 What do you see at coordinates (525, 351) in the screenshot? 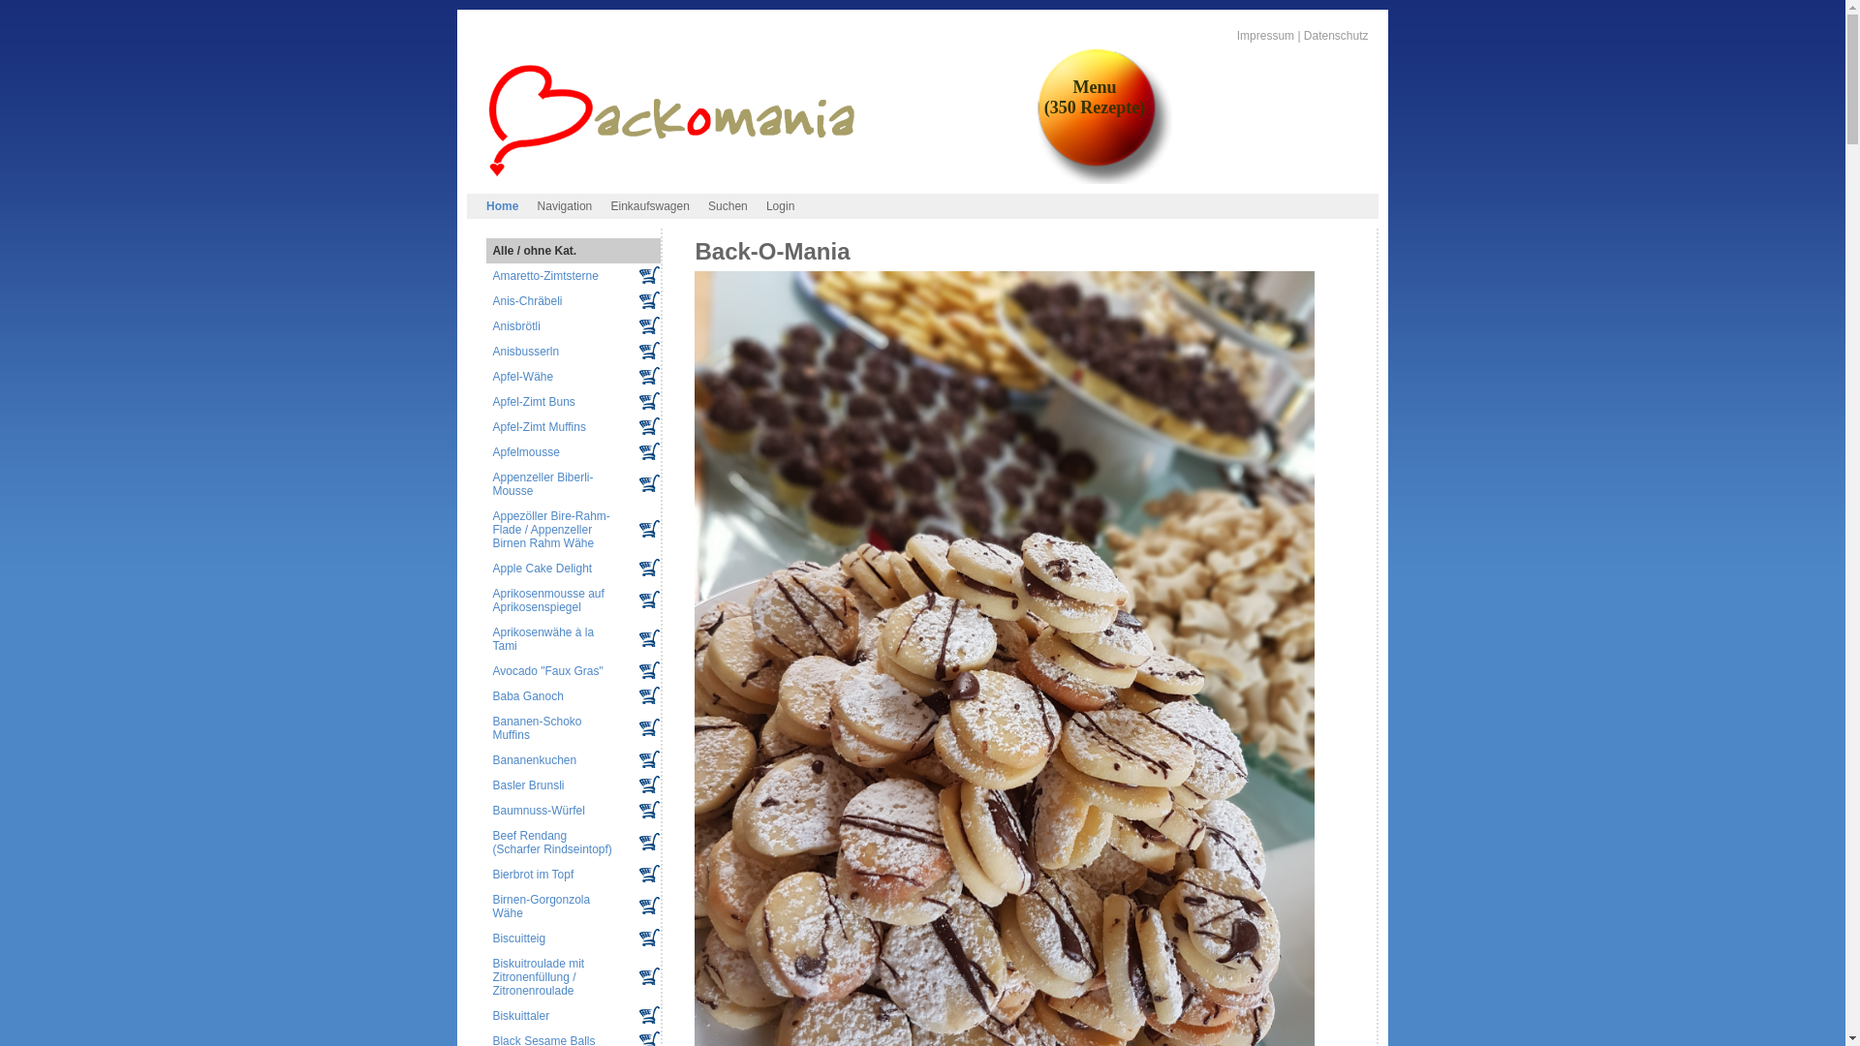
I see `'Anisbusserln'` at bounding box center [525, 351].